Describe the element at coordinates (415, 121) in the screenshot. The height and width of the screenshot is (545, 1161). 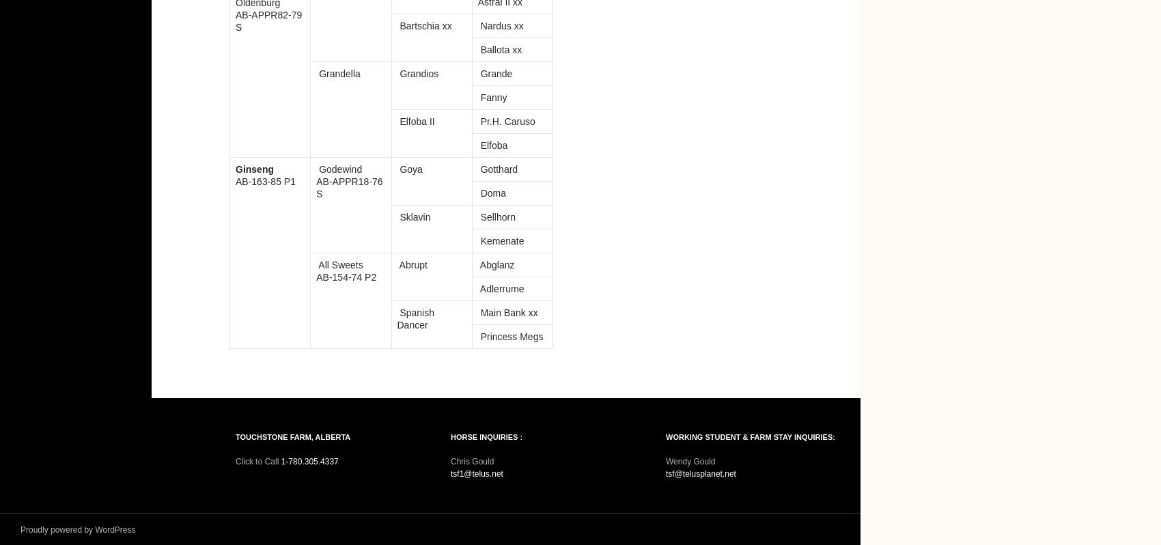
I see `'Elfoba II'` at that location.